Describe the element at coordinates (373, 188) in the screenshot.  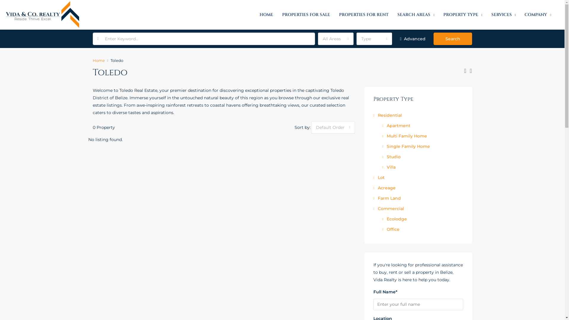
I see `'Acreage'` at that location.